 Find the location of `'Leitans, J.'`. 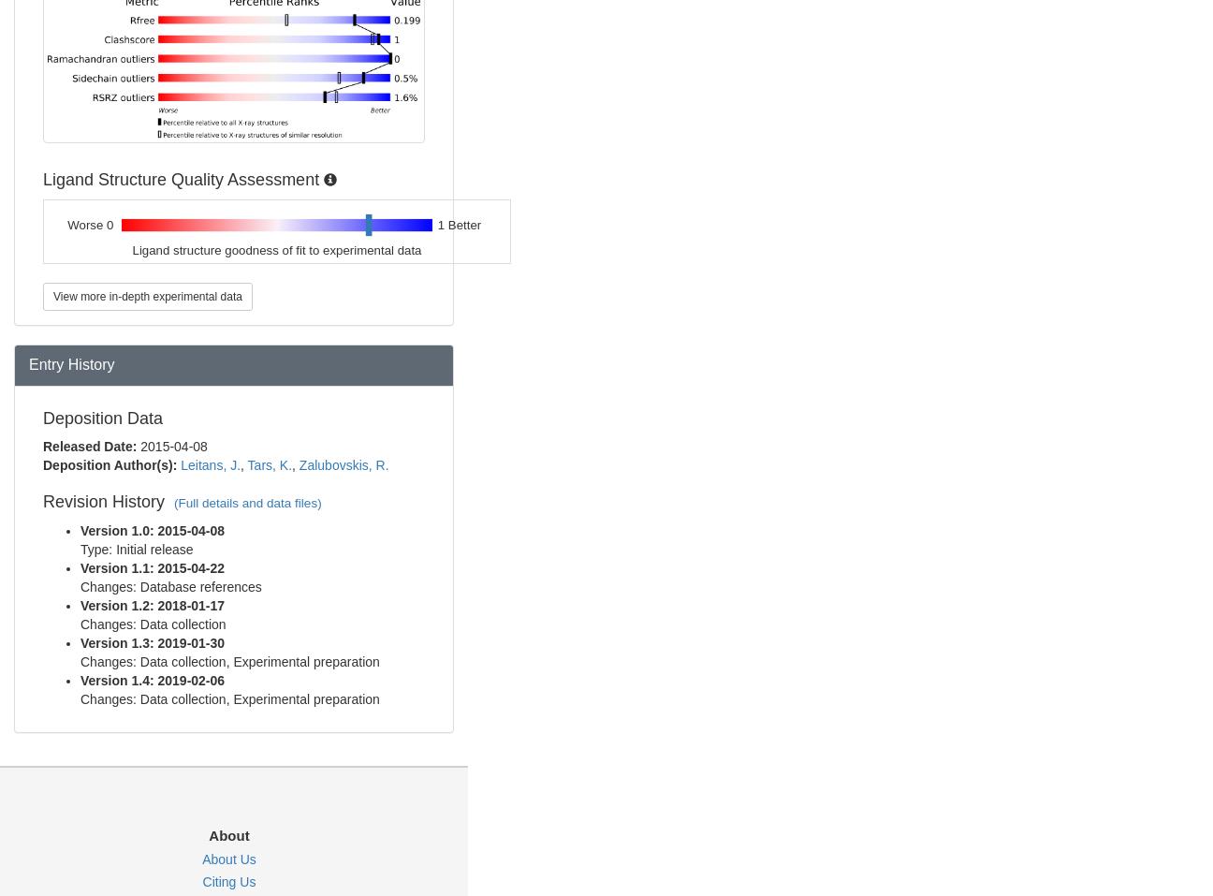

'Leitans, J.' is located at coordinates (209, 464).